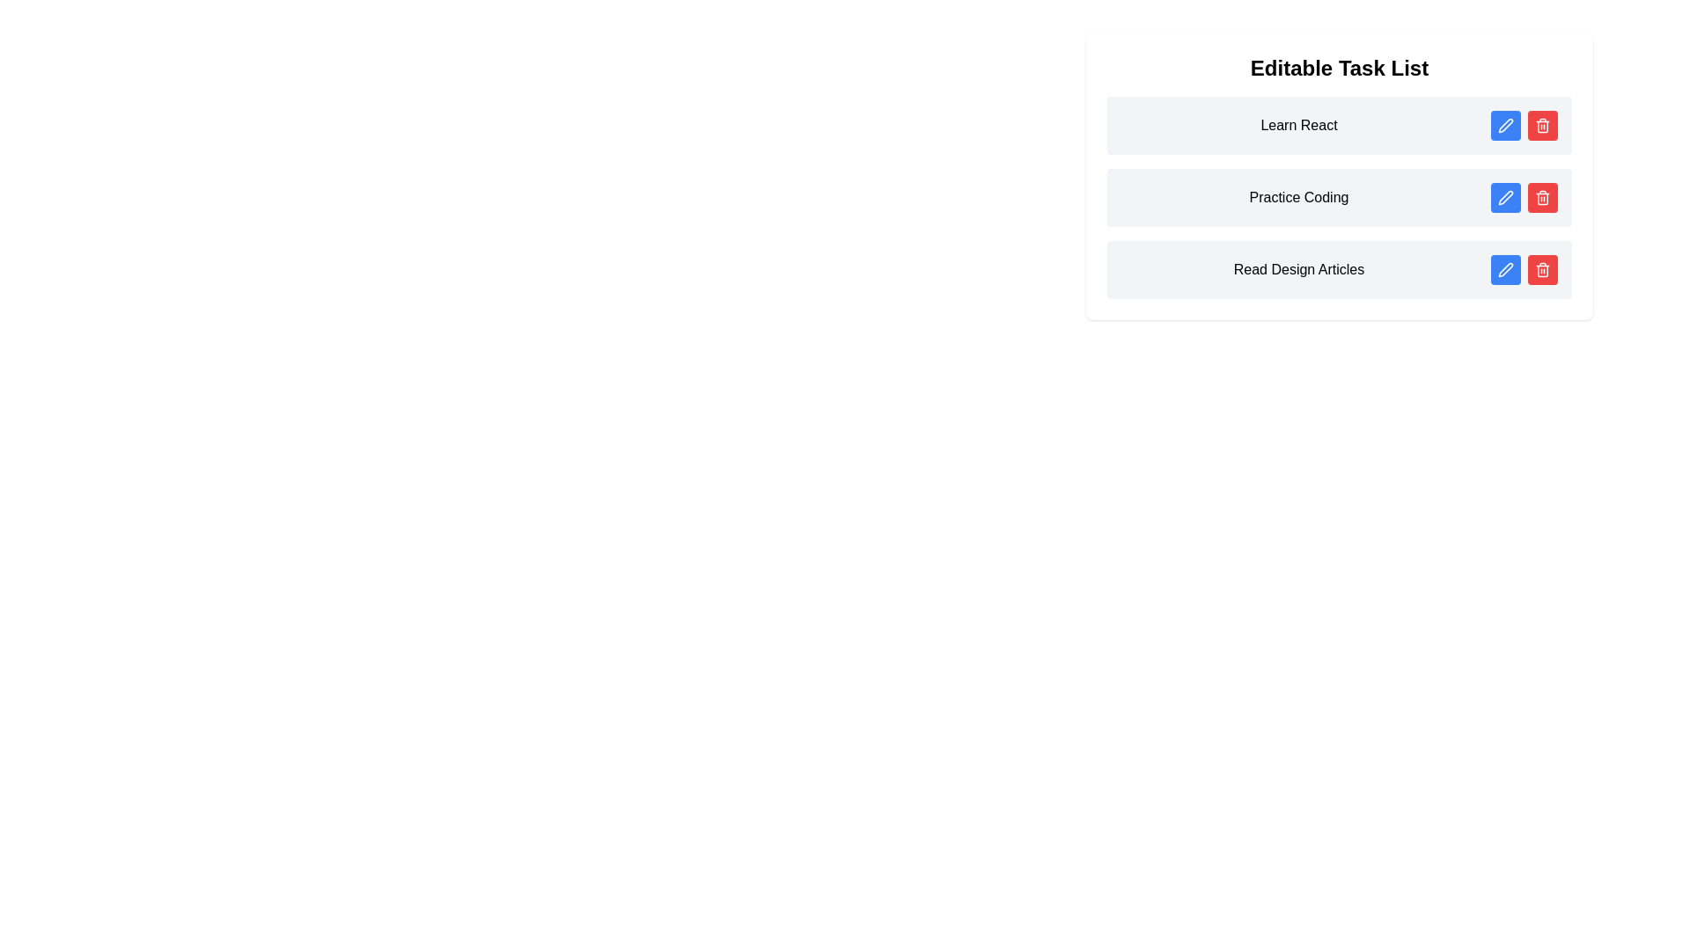 This screenshot has height=950, width=1690. Describe the element at coordinates (1524, 197) in the screenshot. I see `the interactive buttons for the 'Practice Coding' task row, which includes a blue edit button with a pen icon and a red delete button with a trash can icon` at that location.